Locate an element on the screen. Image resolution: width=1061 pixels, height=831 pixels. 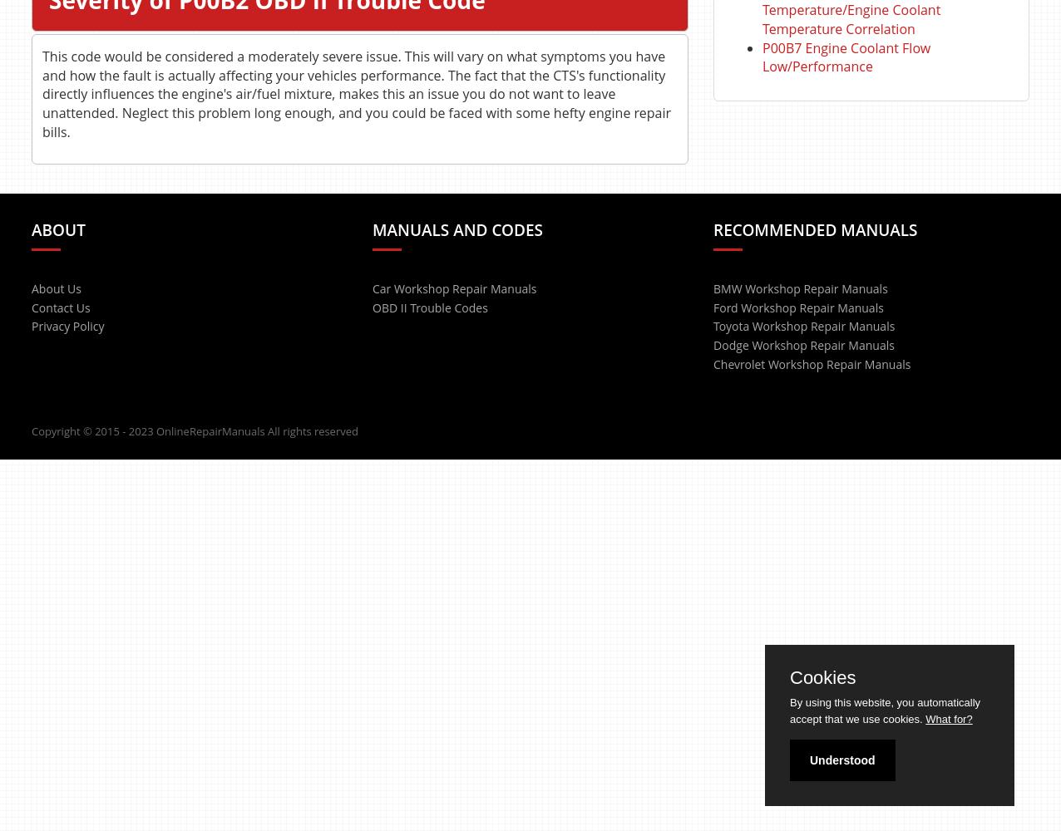
'Understood' is located at coordinates (841, 760).